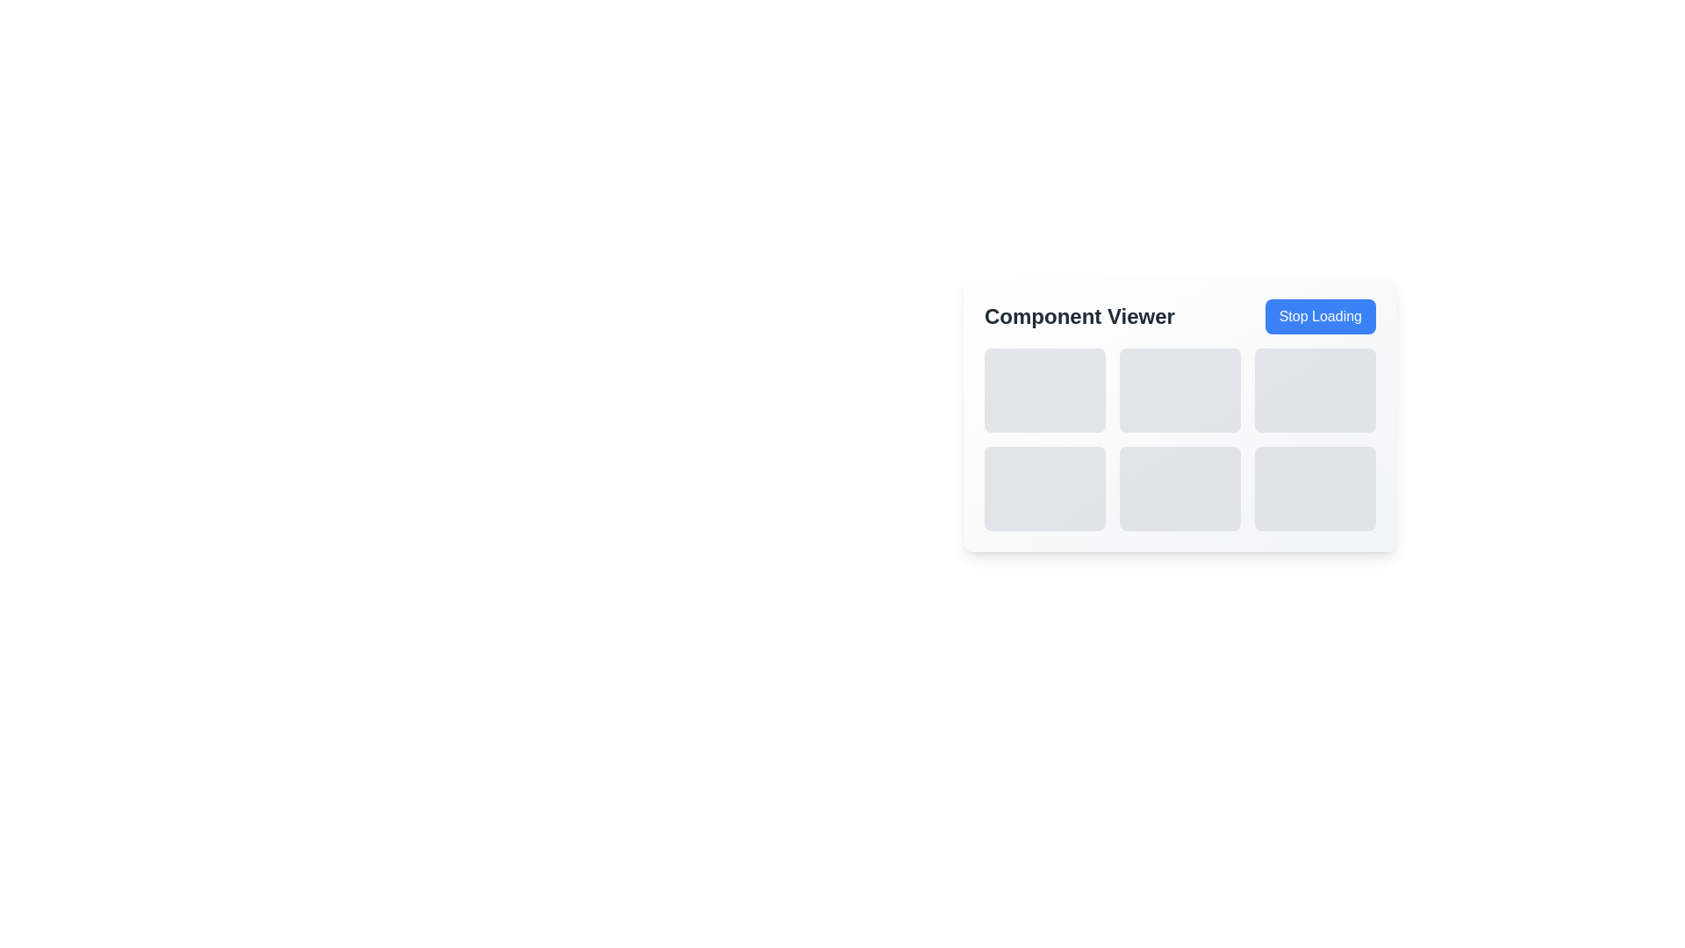  I want to click on the third placeholder in the first row of the grid layout, which visually represents a loading state for content that has not yet loaded, so click(1315, 389).